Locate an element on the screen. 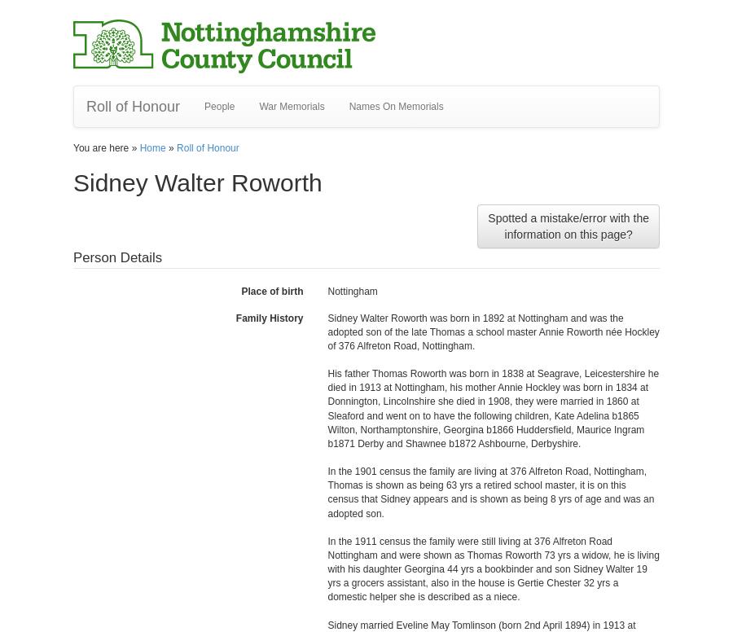 The height and width of the screenshot is (632, 733). 'Family History' is located at coordinates (234, 318).